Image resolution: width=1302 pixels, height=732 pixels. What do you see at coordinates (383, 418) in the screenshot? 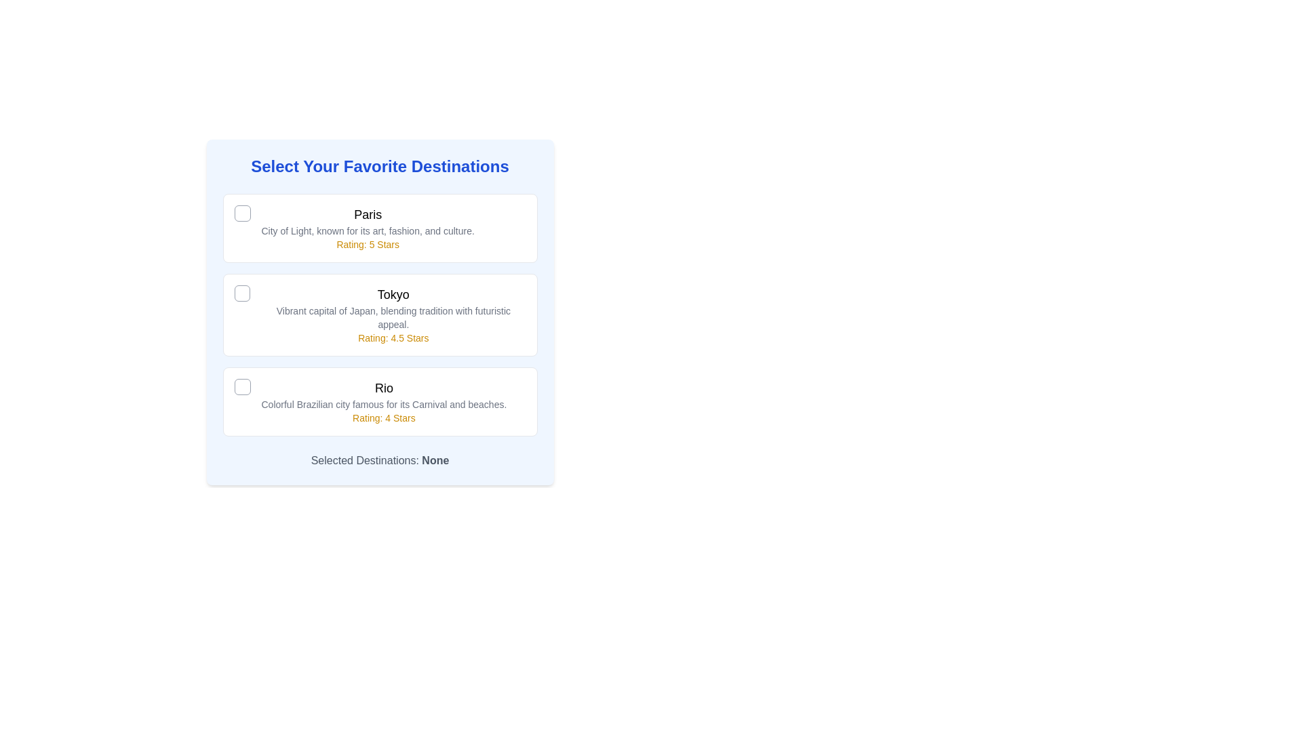
I see `the static text displaying the fixed rating value for the 'Rio' destination, located in the third section of the vertical list layout` at bounding box center [383, 418].